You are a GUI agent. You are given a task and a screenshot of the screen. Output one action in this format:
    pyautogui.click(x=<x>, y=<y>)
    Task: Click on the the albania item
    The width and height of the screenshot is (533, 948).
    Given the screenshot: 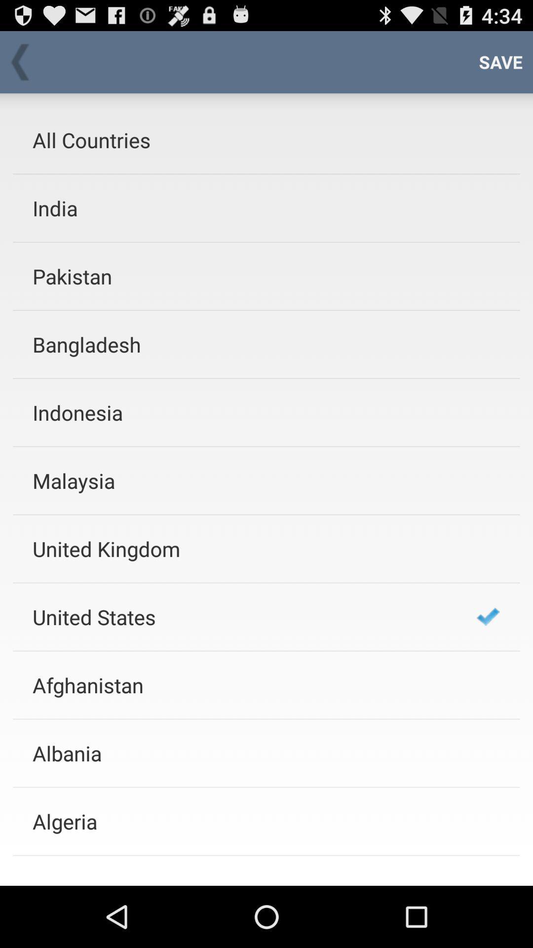 What is the action you would take?
    pyautogui.click(x=241, y=752)
    